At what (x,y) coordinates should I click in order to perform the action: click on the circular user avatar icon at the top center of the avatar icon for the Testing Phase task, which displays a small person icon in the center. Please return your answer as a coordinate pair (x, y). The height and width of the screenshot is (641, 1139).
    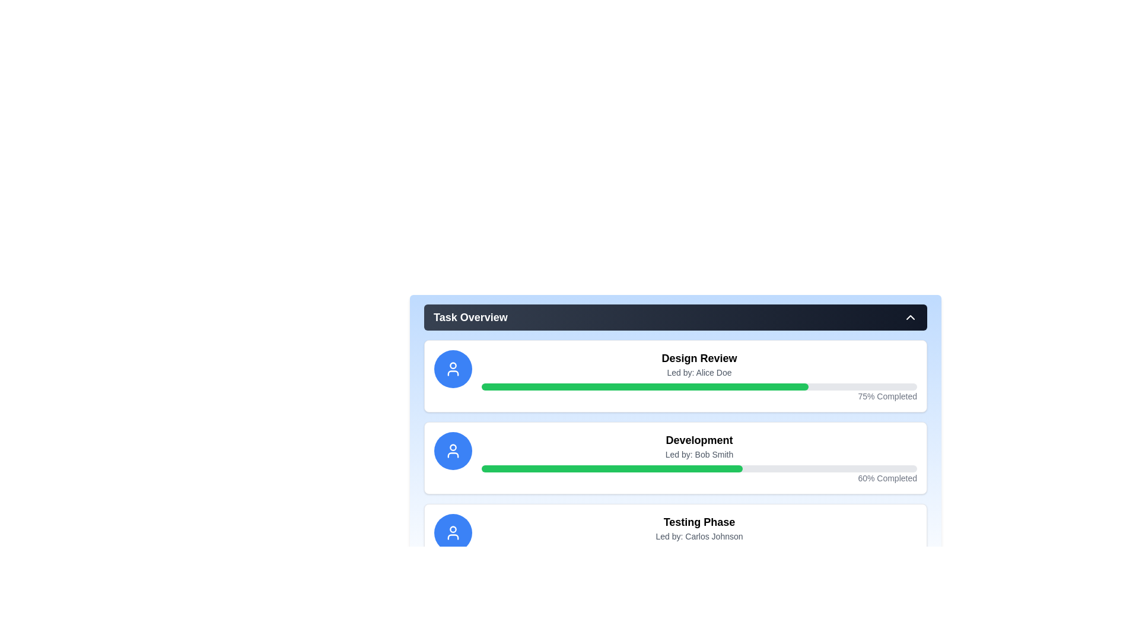
    Looking at the image, I should click on (452, 528).